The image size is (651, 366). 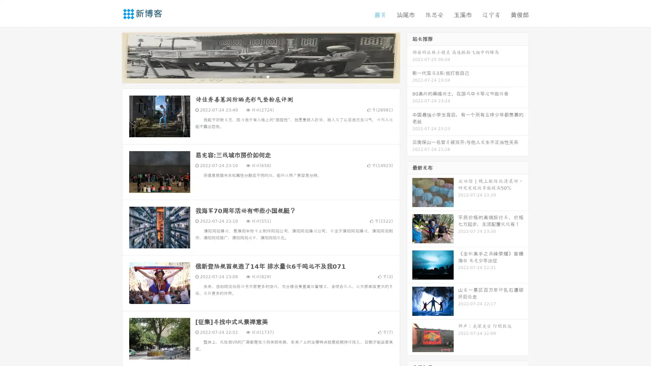 I want to click on Next slide, so click(x=410, y=57).